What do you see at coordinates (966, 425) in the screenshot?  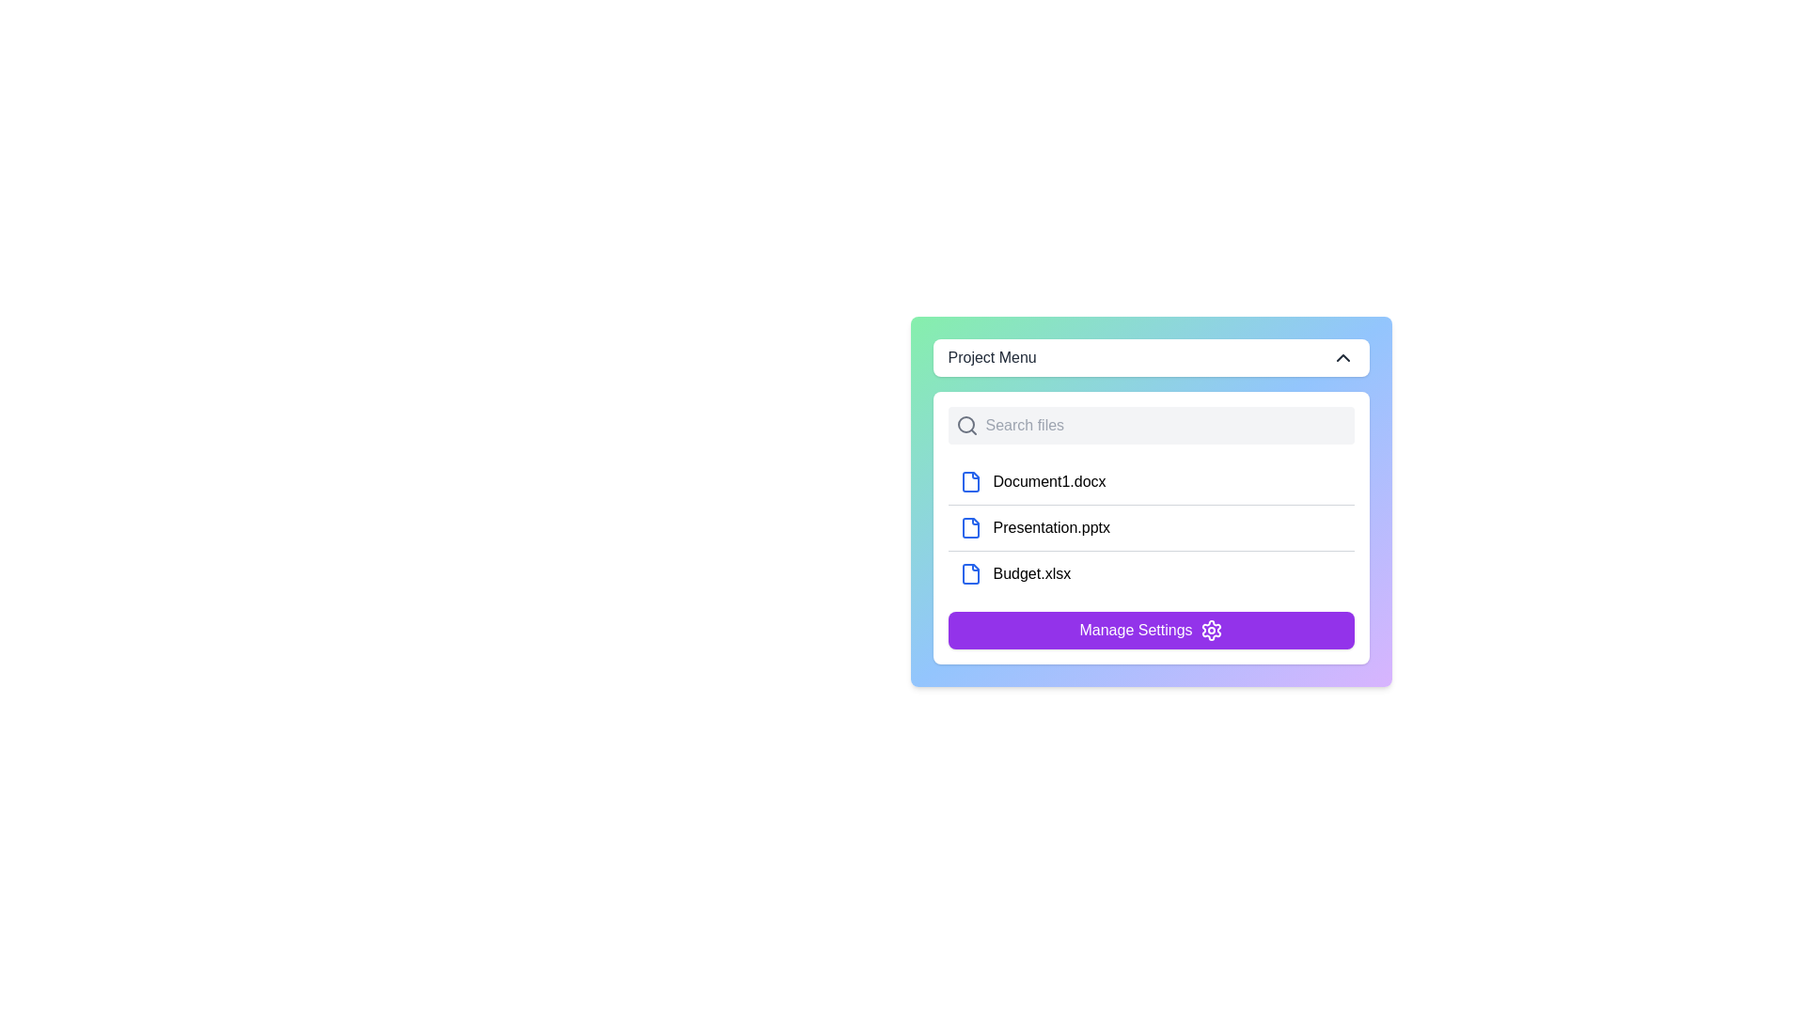 I see `the search icon located on the left side of the search bar` at bounding box center [966, 425].